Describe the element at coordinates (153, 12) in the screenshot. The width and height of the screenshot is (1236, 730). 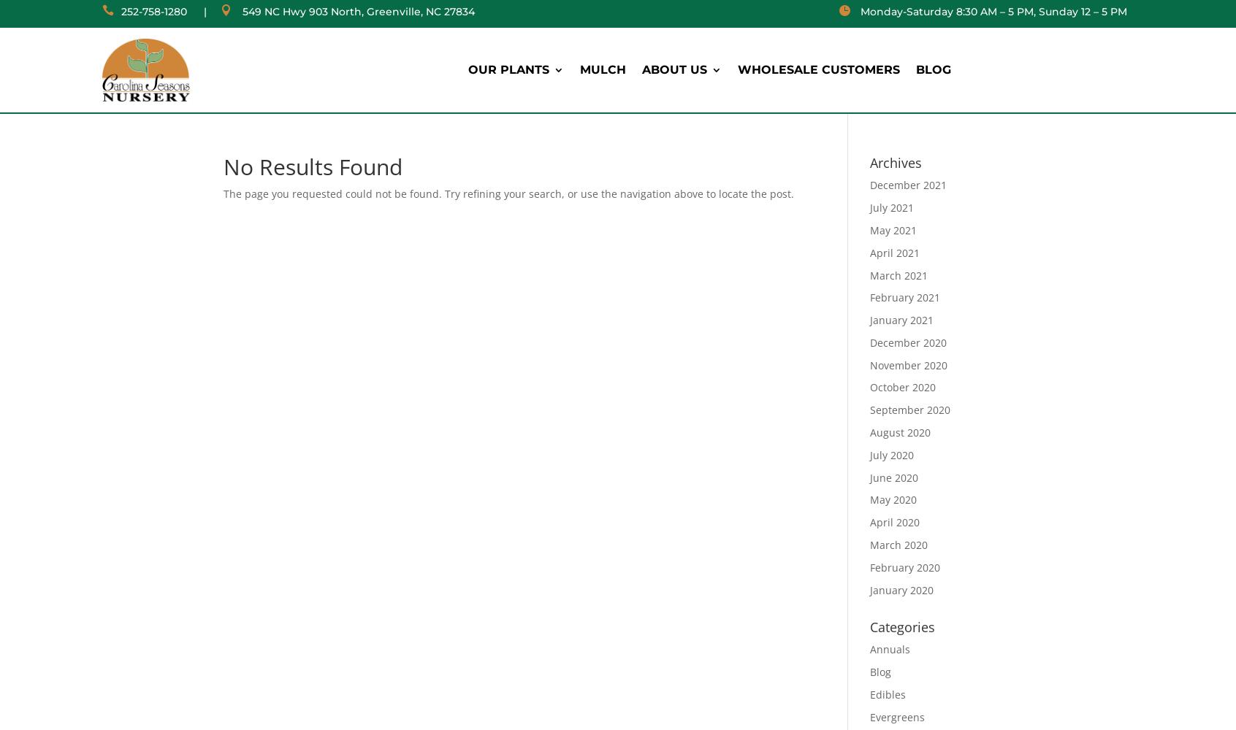
I see `'252-758-1280'` at that location.